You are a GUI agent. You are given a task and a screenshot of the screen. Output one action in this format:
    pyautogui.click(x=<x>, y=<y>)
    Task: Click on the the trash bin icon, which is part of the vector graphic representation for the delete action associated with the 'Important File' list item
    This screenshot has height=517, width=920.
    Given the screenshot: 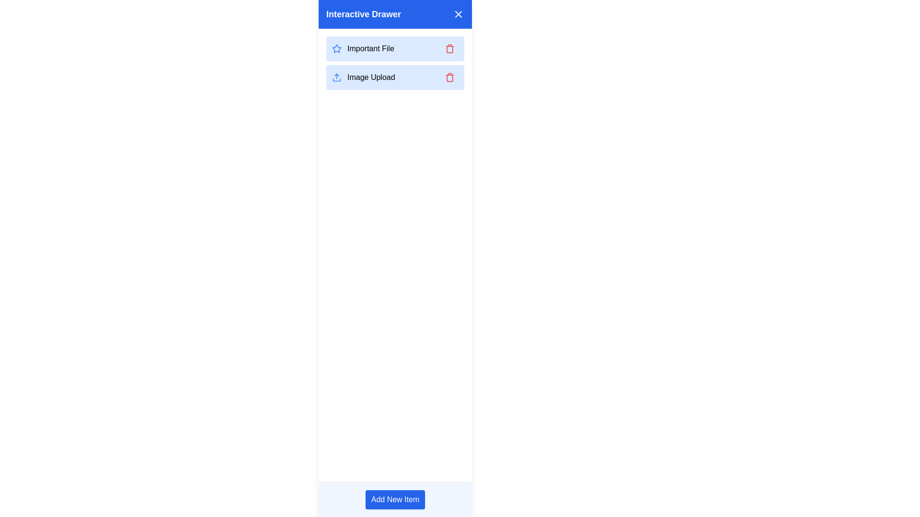 What is the action you would take?
    pyautogui.click(x=449, y=49)
    